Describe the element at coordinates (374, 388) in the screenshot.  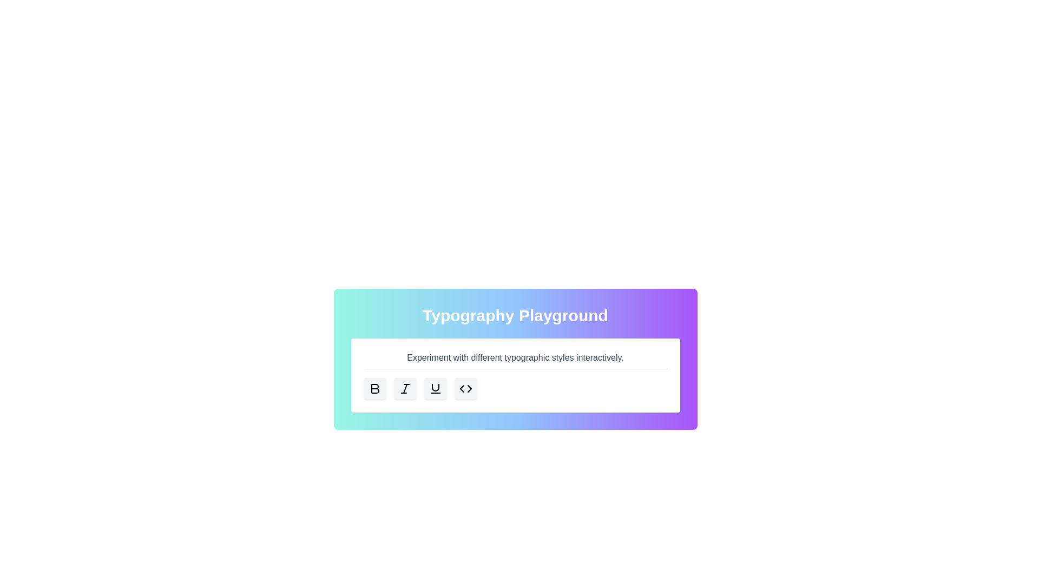
I see `the light gray square button with rounded corners and a black 'B' icon` at that location.